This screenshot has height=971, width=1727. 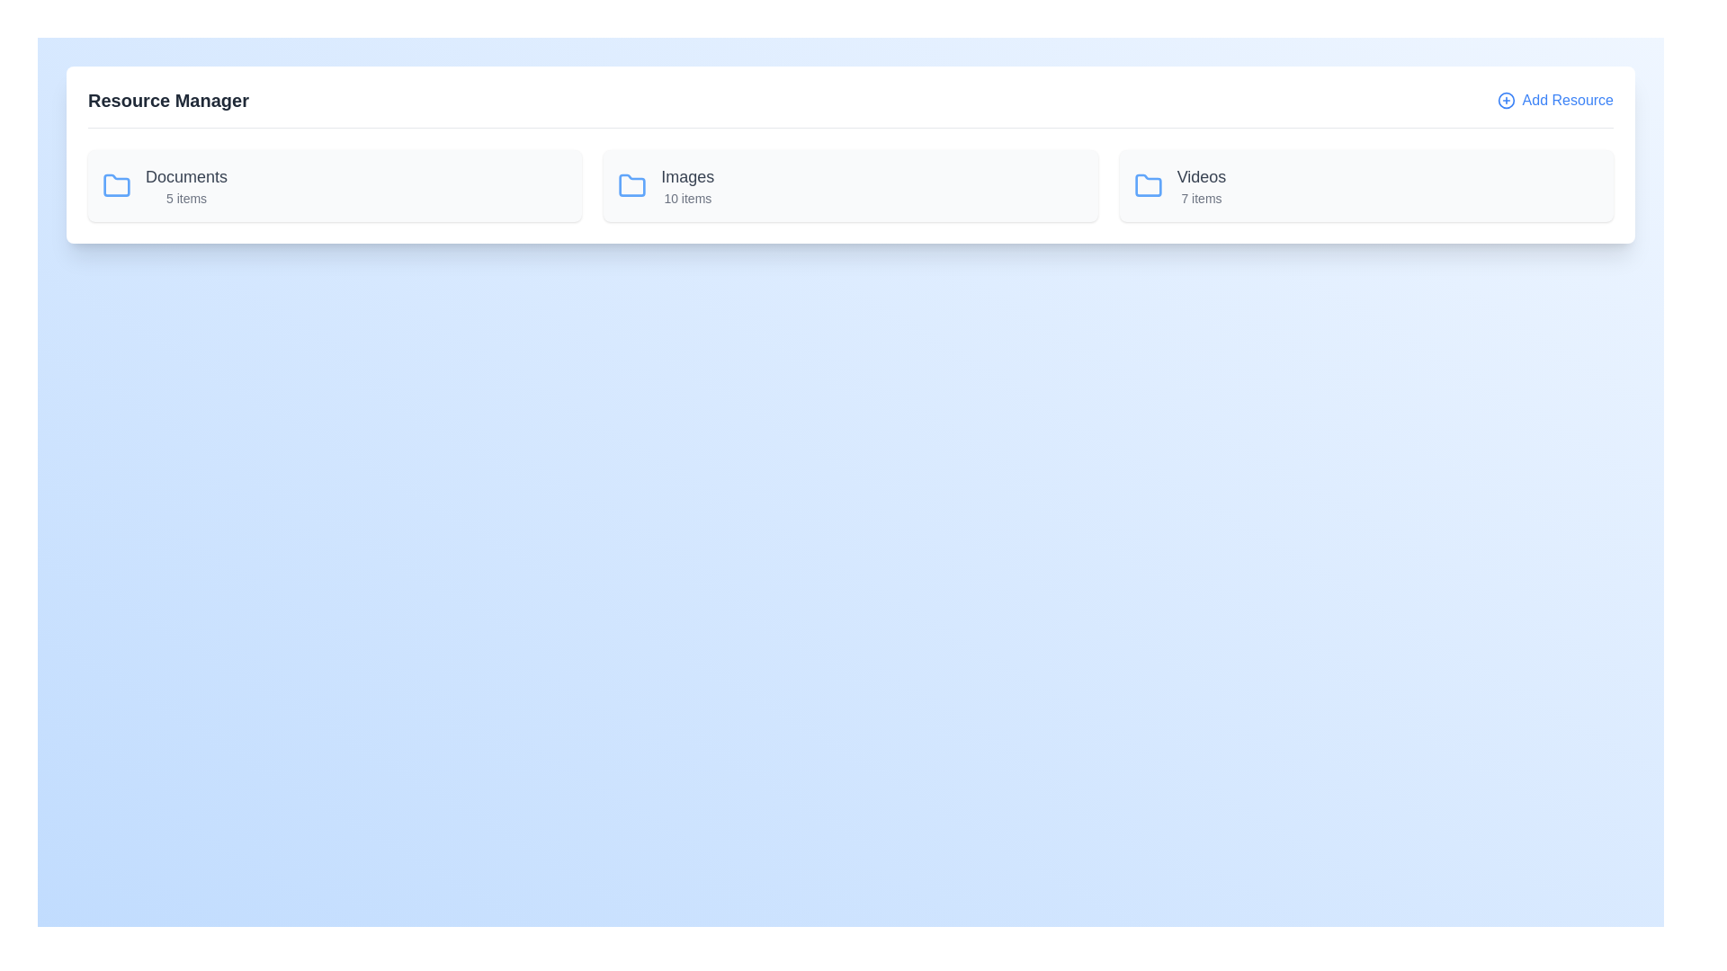 What do you see at coordinates (186, 186) in the screenshot?
I see `informational text label that displays the title and item count for the first folder in the folder list` at bounding box center [186, 186].